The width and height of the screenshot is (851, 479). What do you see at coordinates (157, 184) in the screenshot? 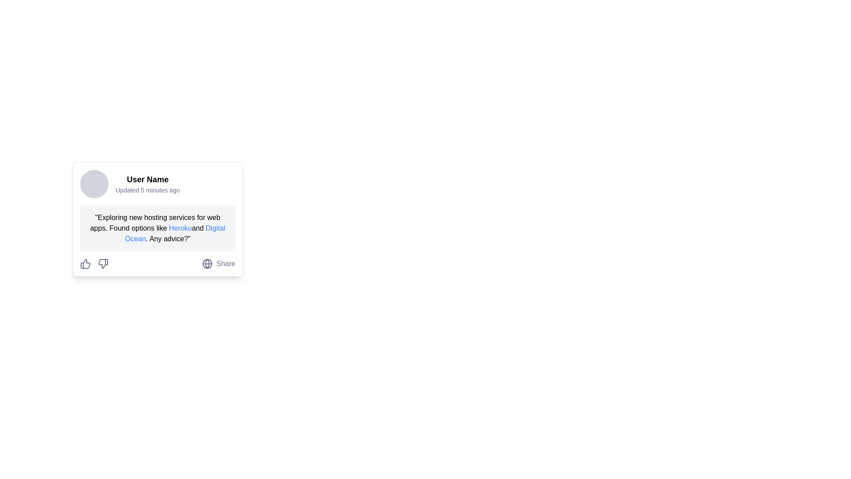
I see `information displayed in the Profile Information Display, which includes the user's name and the last updated time, located at the specified coordinates` at bounding box center [157, 184].